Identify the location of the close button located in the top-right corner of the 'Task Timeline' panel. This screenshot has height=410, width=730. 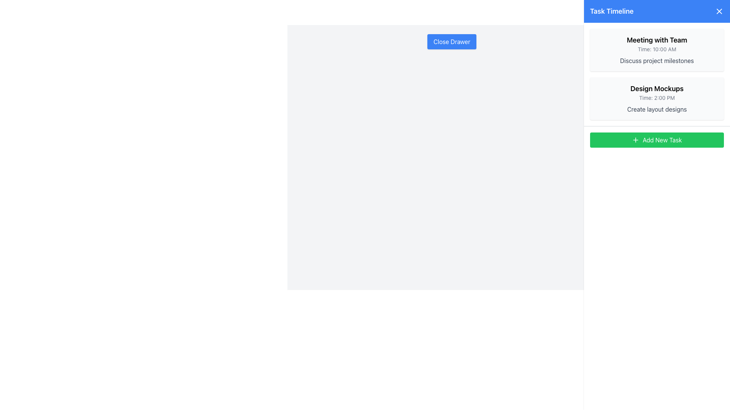
(719, 11).